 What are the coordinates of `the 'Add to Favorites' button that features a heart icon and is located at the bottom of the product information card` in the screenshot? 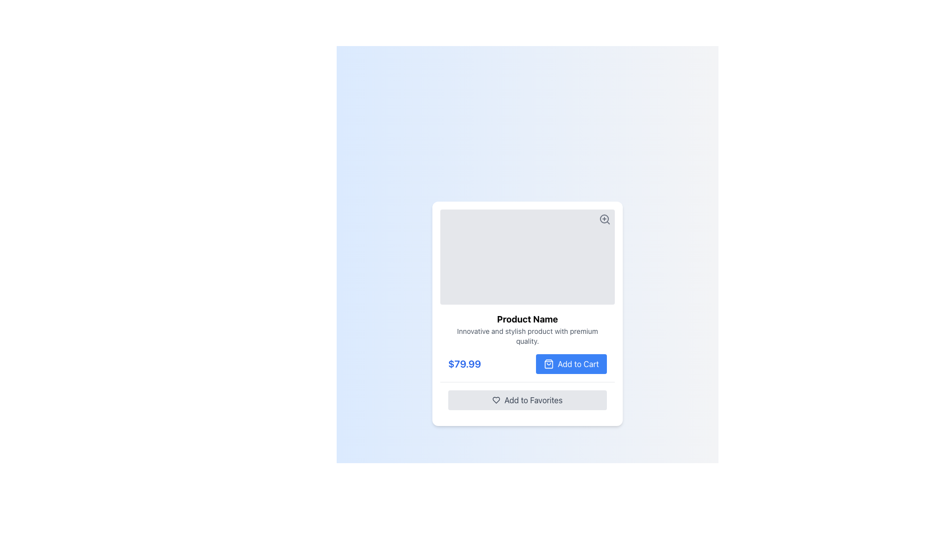 It's located at (533, 399).